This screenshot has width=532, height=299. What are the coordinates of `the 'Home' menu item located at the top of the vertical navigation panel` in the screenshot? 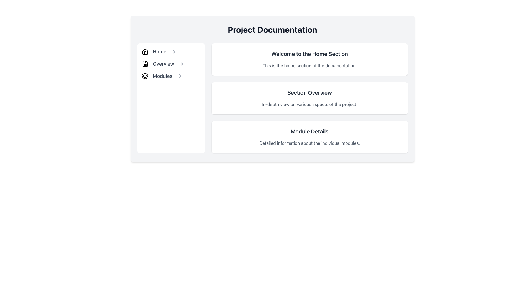 It's located at (171, 51).